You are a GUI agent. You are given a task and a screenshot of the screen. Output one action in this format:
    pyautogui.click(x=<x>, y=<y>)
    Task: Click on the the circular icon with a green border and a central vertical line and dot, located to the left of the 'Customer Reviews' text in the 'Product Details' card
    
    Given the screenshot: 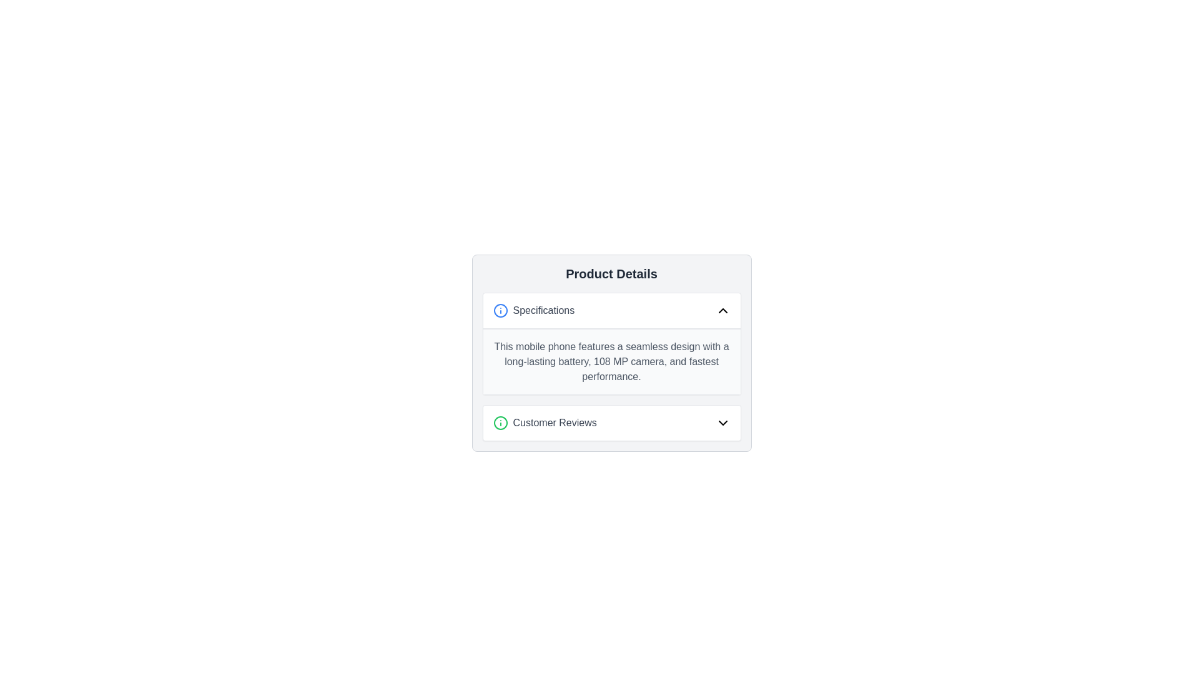 What is the action you would take?
    pyautogui.click(x=500, y=422)
    